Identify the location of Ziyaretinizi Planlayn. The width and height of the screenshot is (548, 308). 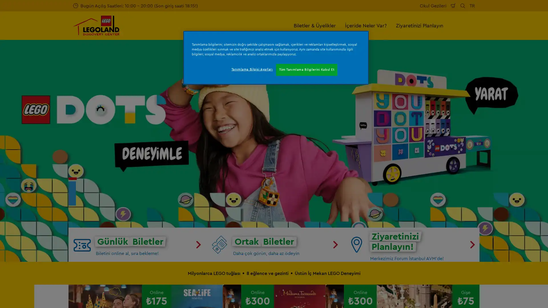
(419, 25).